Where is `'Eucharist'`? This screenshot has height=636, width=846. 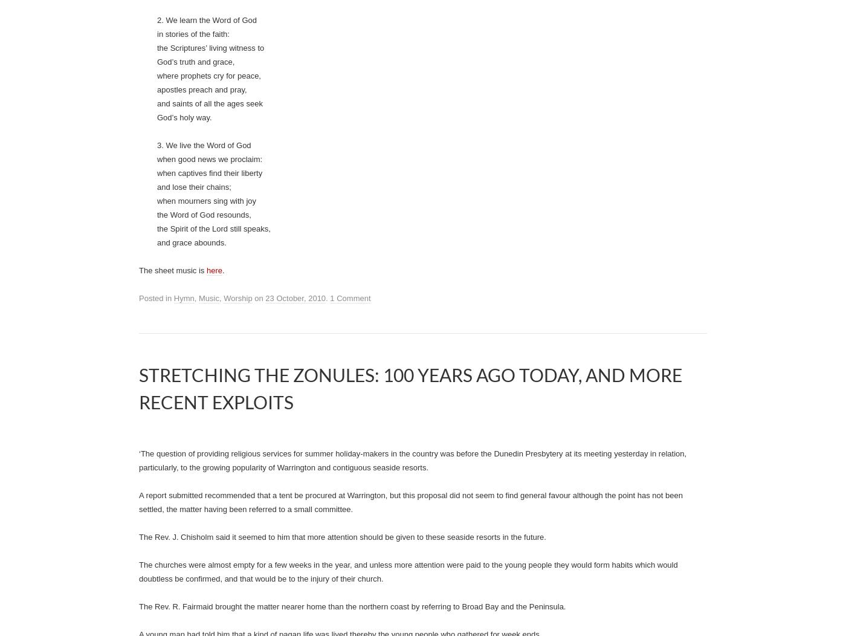
'Eucharist' is located at coordinates (203, 178).